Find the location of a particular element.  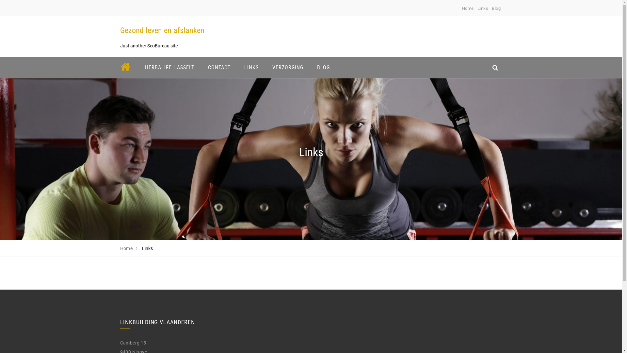

'VERZORGING' is located at coordinates (268, 67).